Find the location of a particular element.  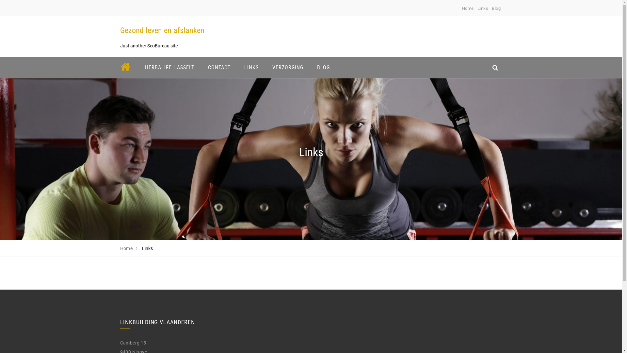

'VERZORGING' is located at coordinates (268, 67).